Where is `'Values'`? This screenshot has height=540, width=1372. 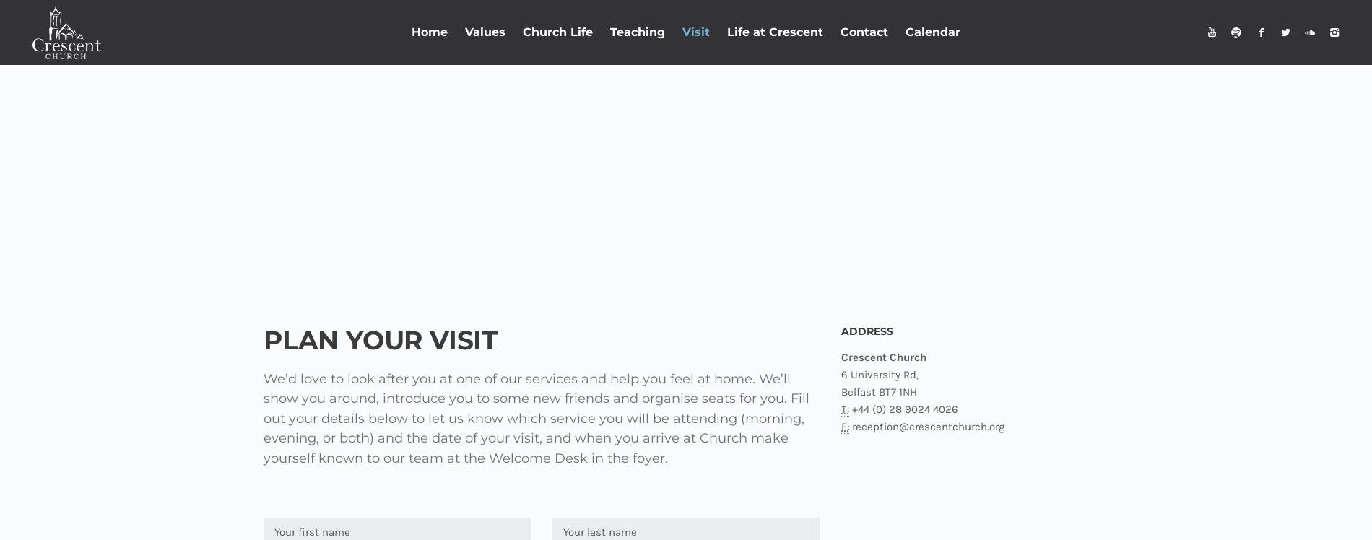 'Values' is located at coordinates (485, 32).